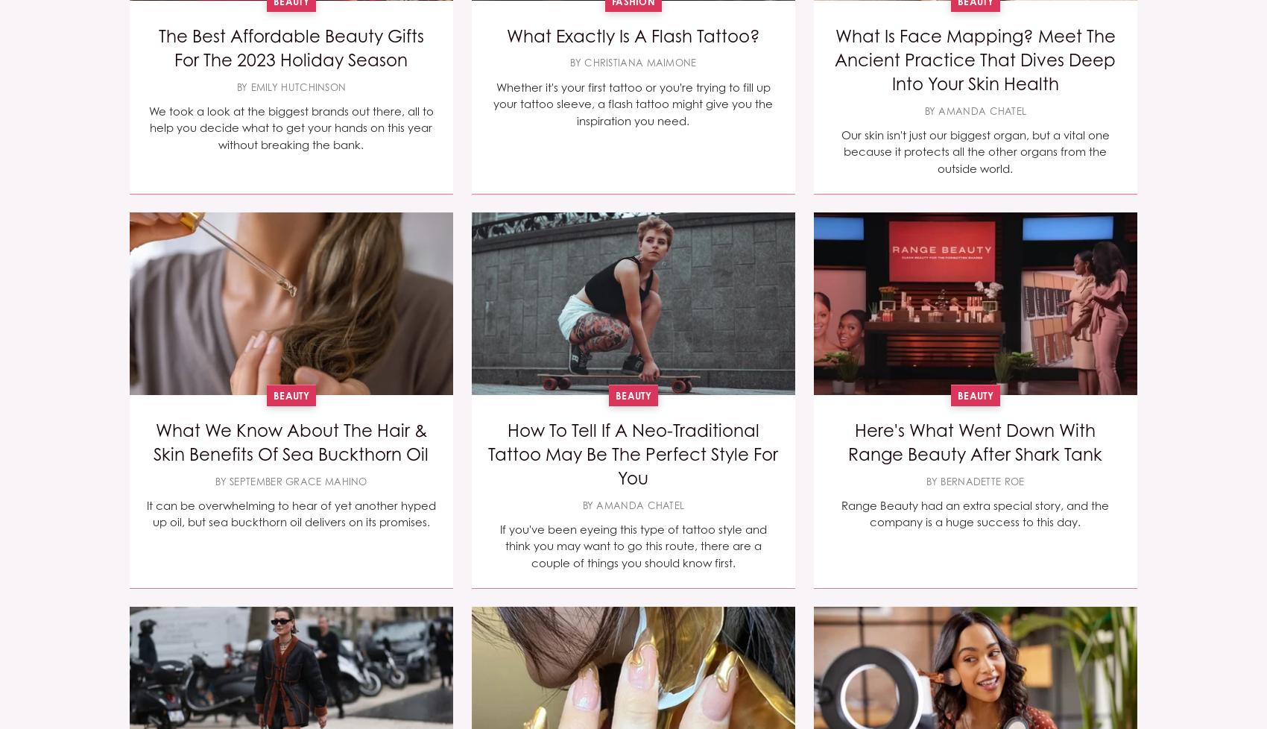  I want to click on 'What Exactly Is A Flash Tattoo?', so click(631, 35).